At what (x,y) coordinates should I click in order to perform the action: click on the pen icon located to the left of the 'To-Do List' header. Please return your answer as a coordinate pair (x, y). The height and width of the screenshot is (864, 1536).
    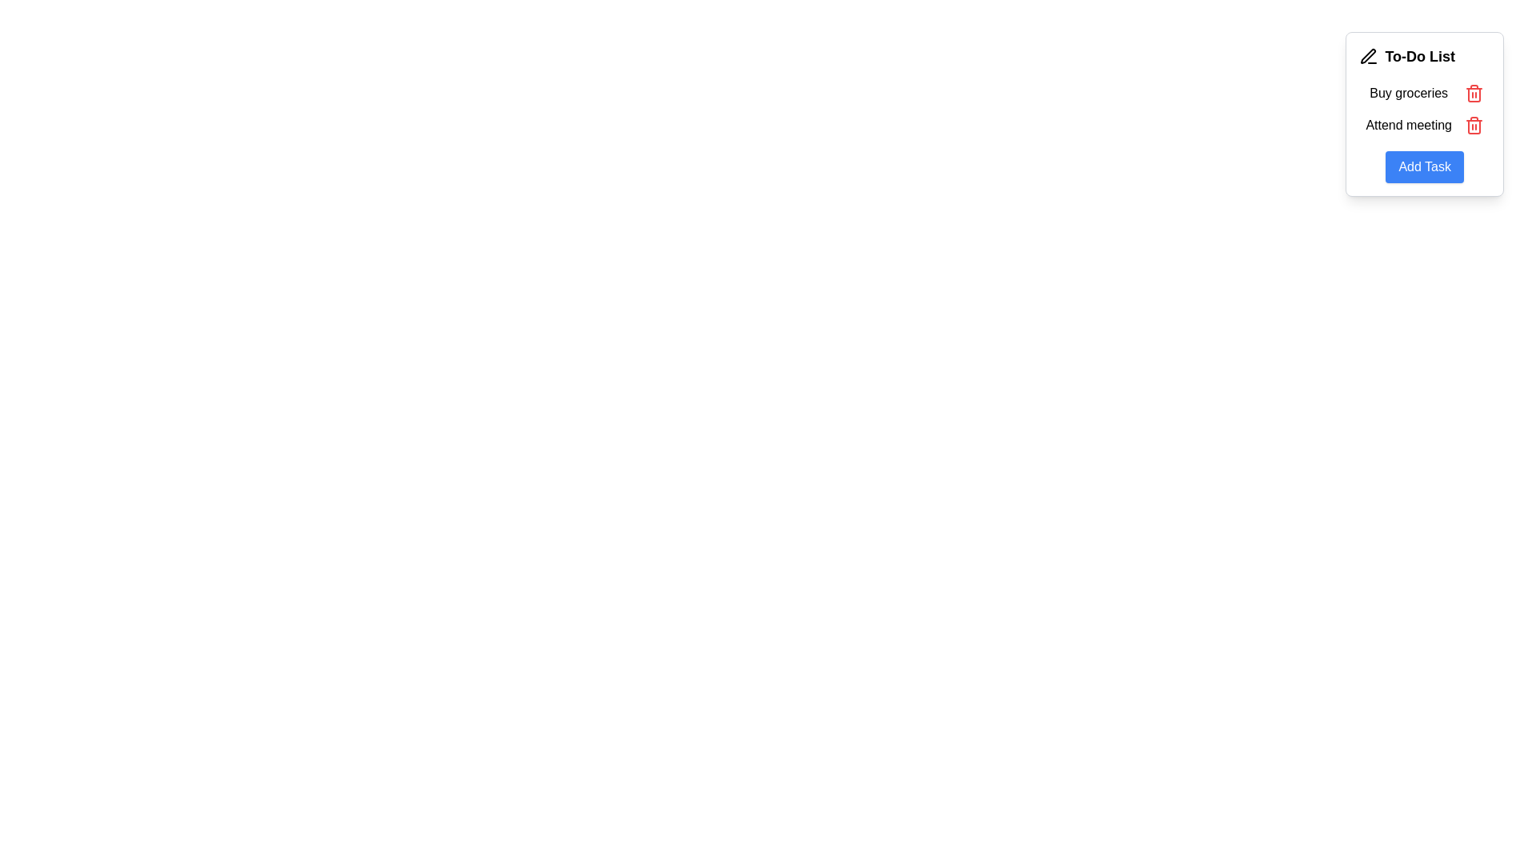
    Looking at the image, I should click on (1368, 55).